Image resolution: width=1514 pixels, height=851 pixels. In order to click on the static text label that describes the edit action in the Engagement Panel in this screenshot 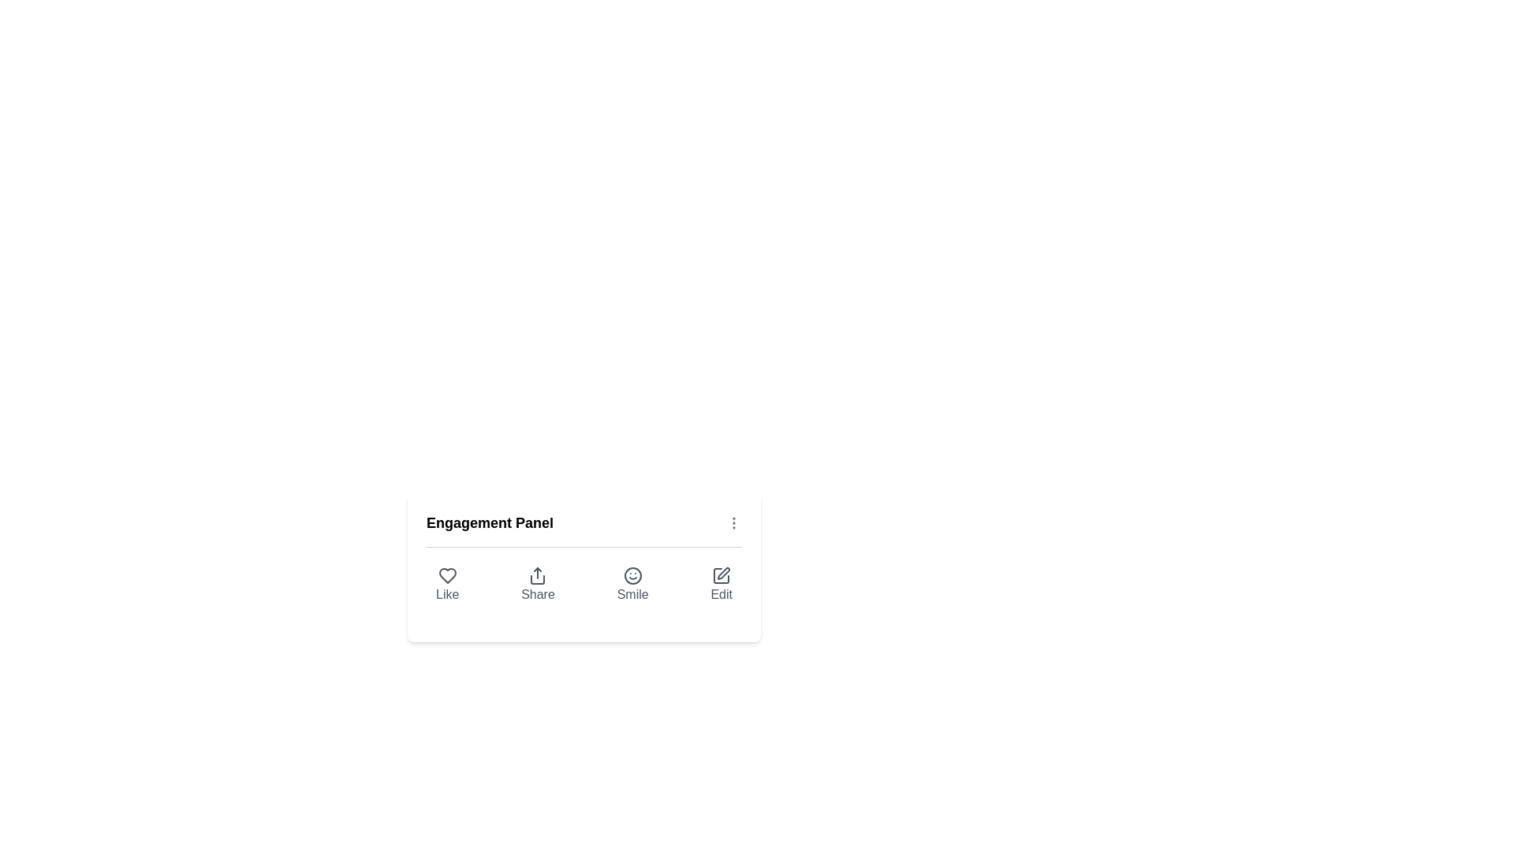, I will do `click(721, 595)`.